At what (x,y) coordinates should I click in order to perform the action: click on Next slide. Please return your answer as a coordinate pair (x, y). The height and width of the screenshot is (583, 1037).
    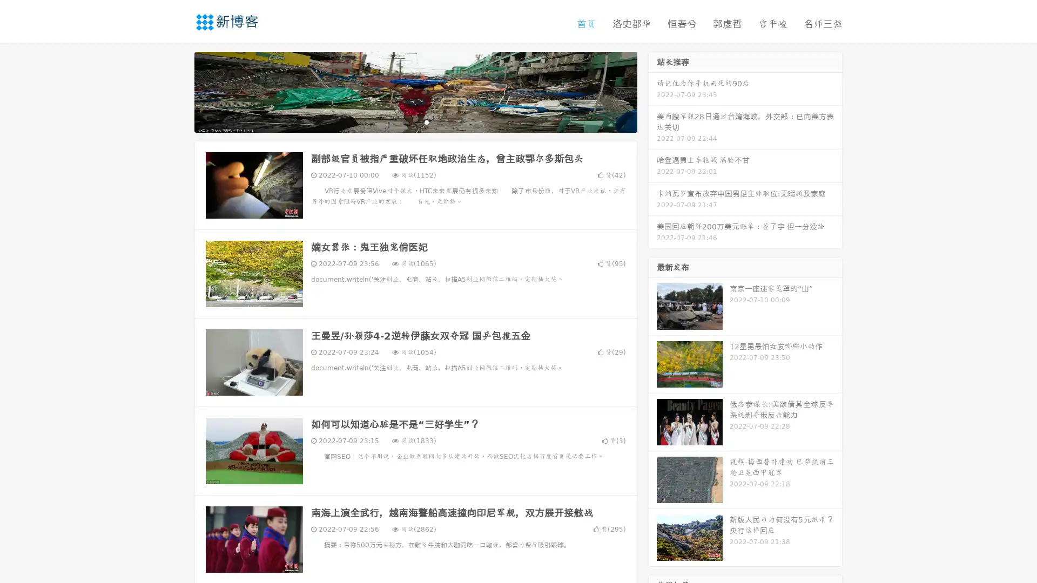
    Looking at the image, I should click on (652, 91).